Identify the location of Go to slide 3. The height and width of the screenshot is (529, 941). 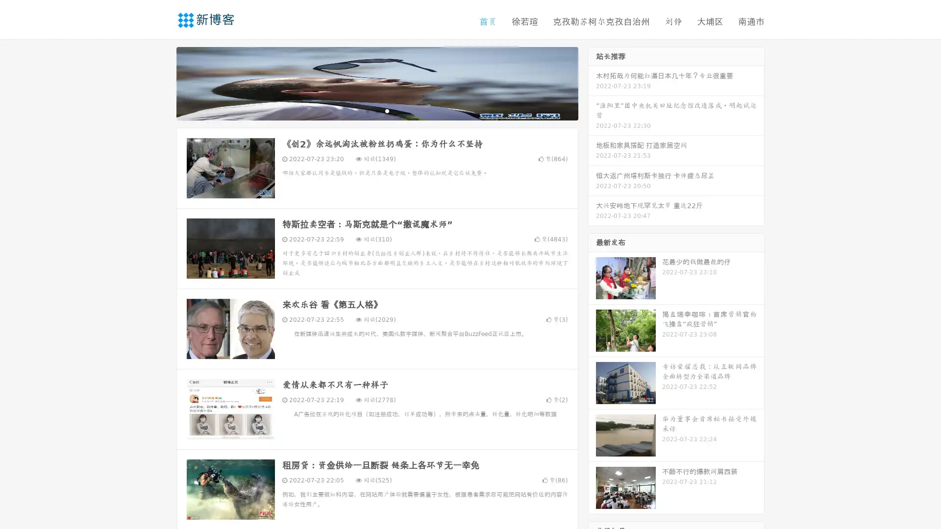
(387, 110).